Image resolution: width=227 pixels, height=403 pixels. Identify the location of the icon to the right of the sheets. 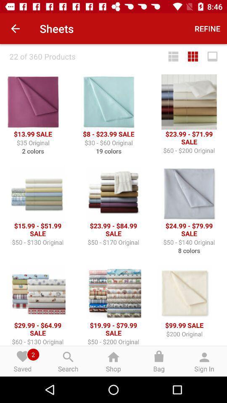
(207, 29).